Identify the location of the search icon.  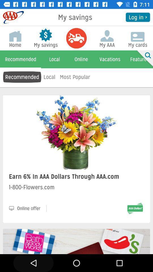
(144, 59).